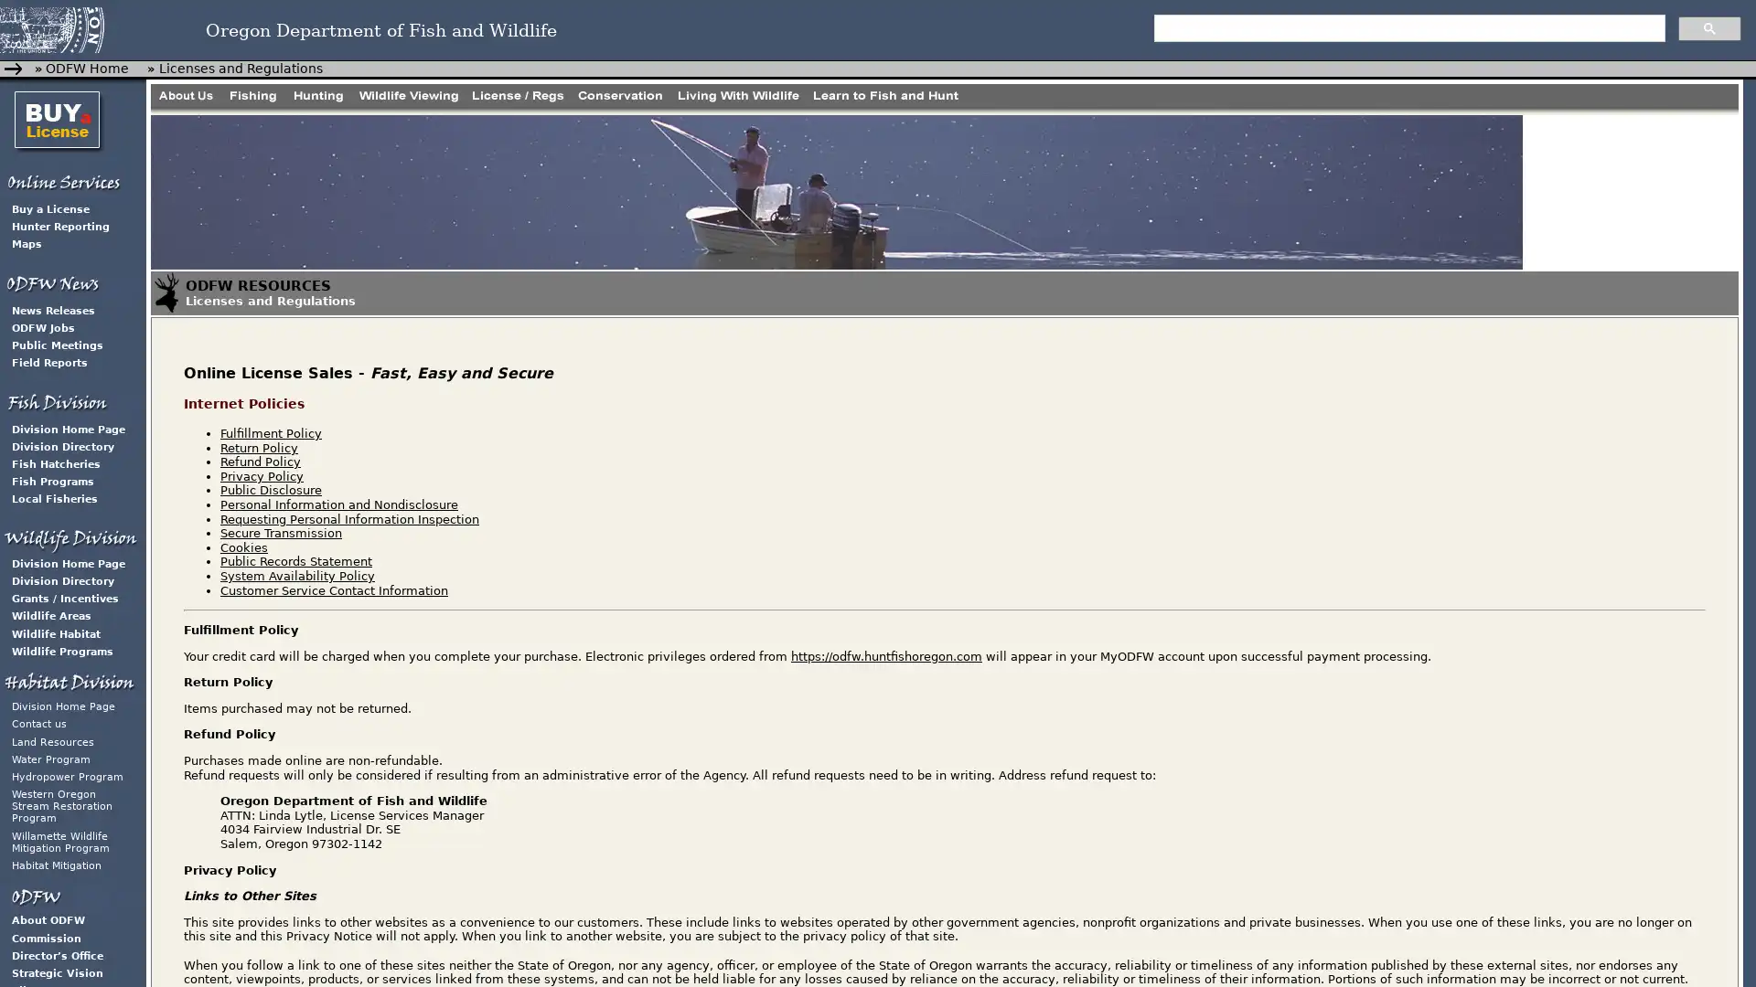 Image resolution: width=1756 pixels, height=987 pixels. I want to click on search, so click(1708, 27).